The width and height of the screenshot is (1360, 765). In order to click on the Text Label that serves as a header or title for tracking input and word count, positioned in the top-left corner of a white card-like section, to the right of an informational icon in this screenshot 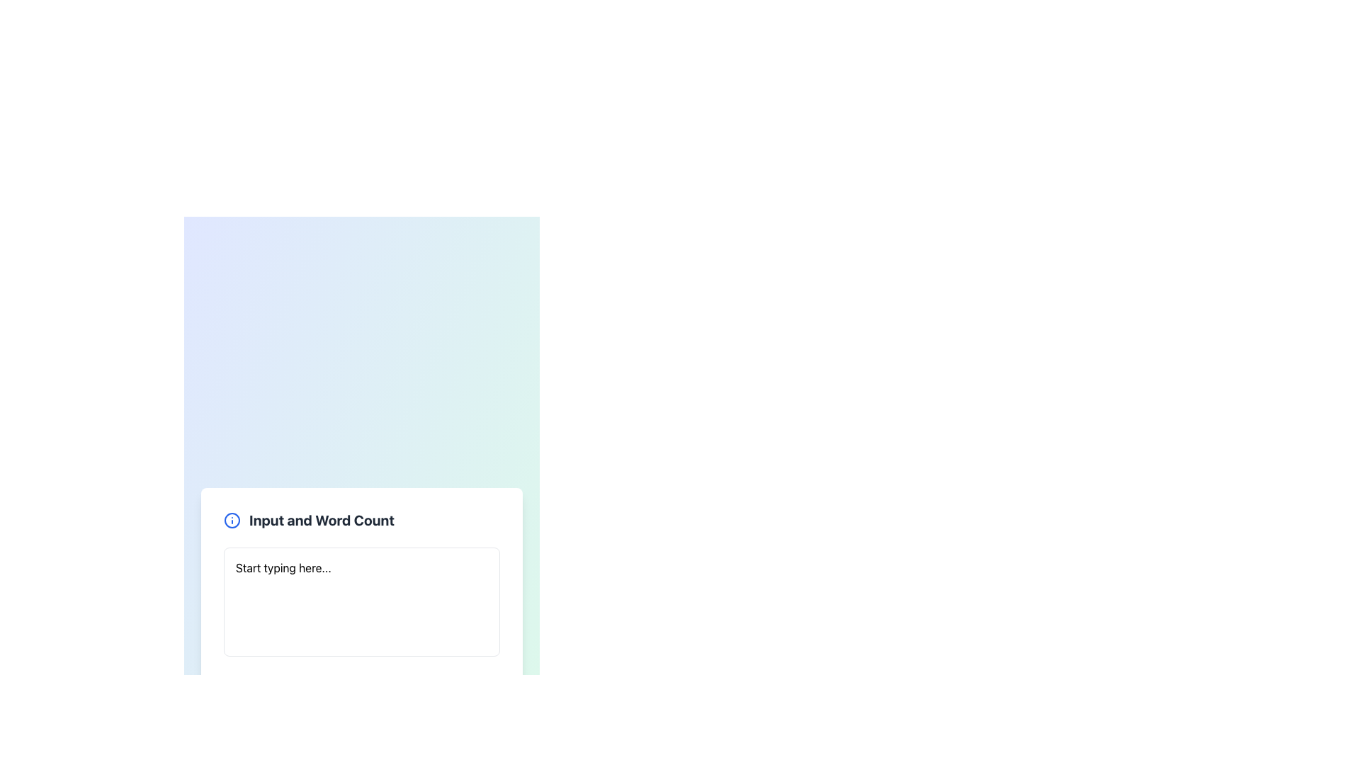, I will do `click(321, 521)`.